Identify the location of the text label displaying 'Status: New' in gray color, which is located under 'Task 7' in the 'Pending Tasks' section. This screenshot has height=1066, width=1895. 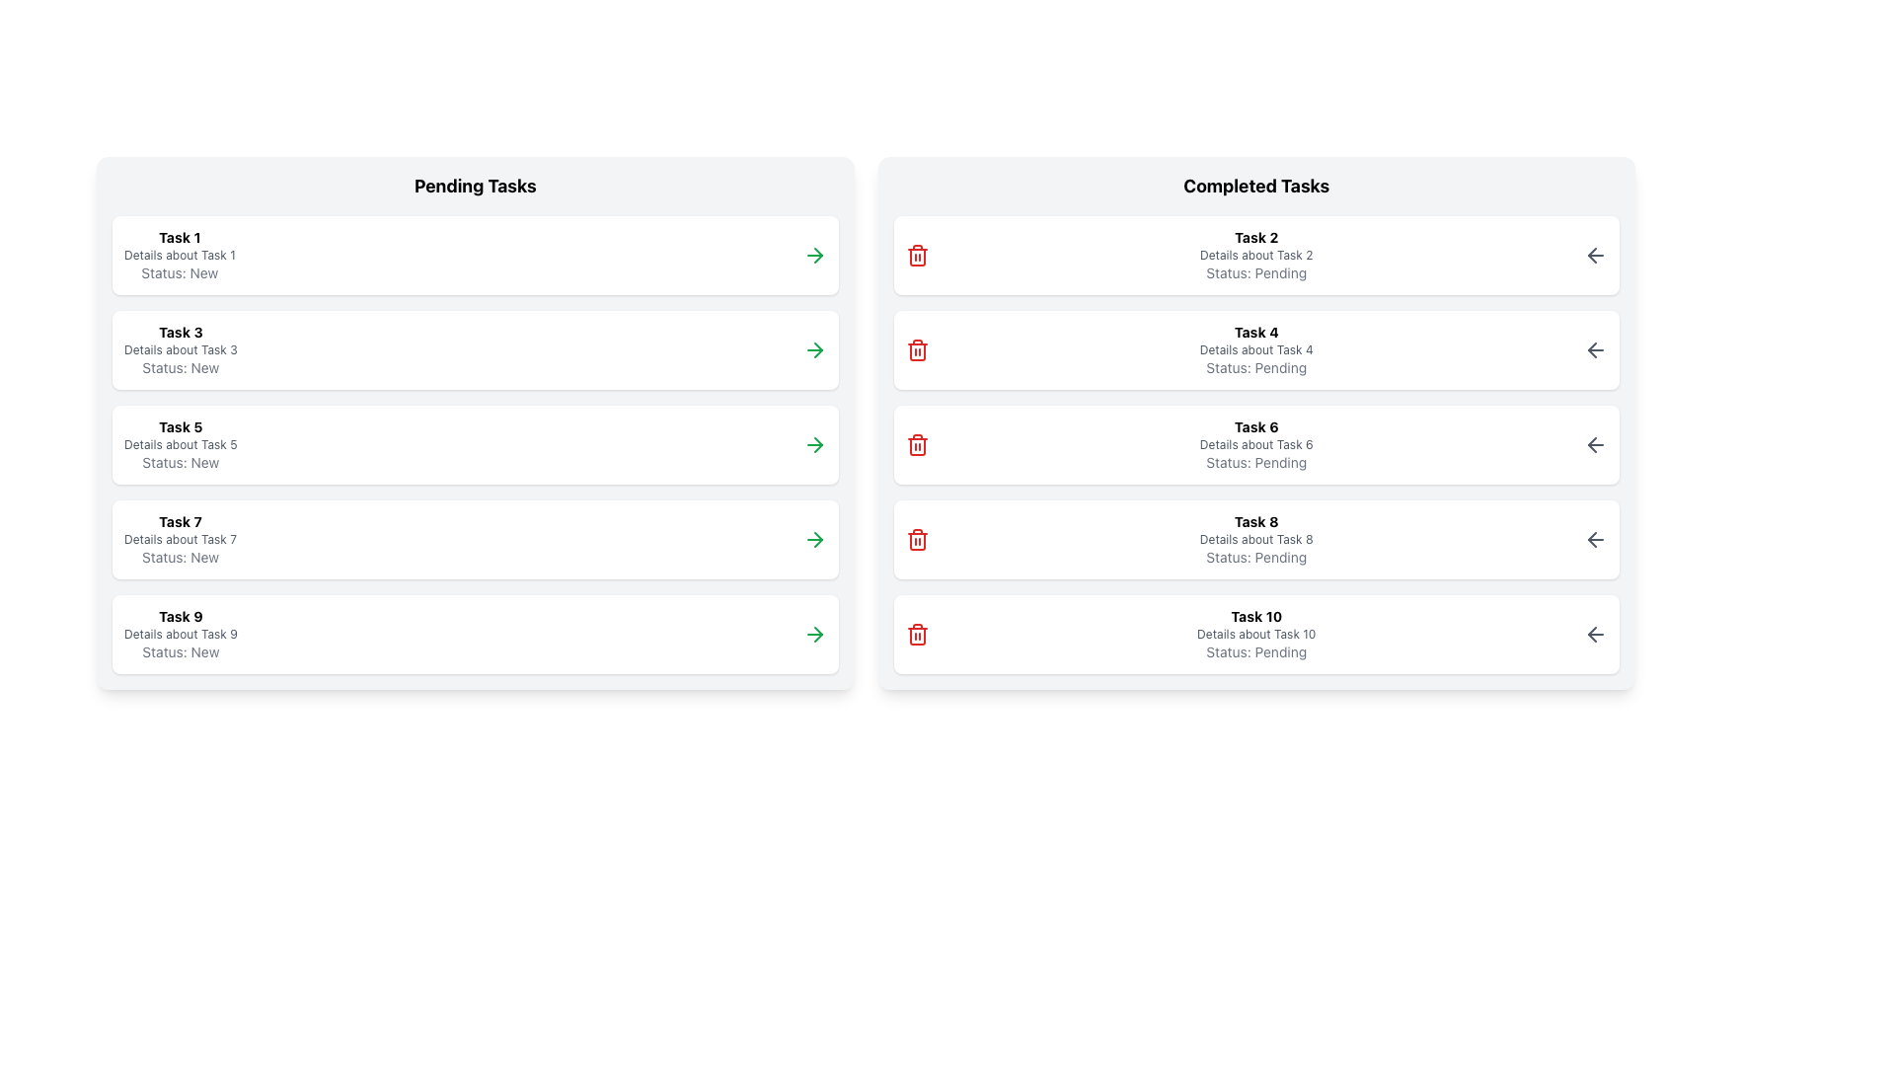
(180, 557).